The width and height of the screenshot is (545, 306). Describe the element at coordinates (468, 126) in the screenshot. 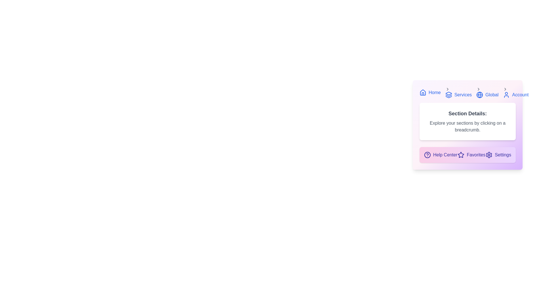

I see `explanatory text element located beneath 'Section Details:' within a white, rounded, shadowed box` at that location.